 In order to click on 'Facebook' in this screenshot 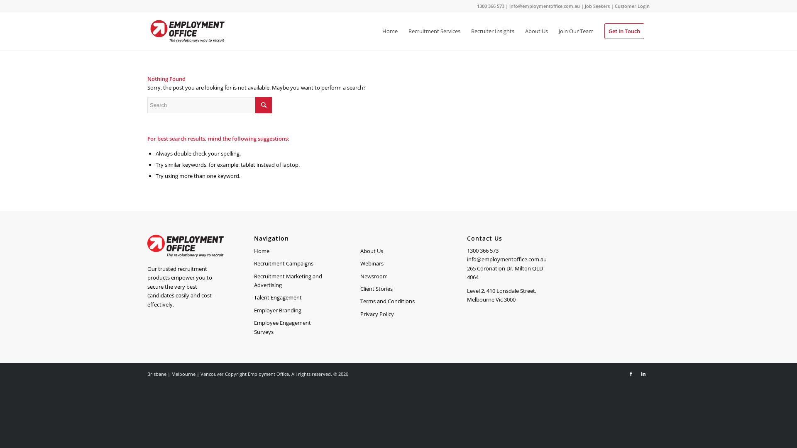, I will do `click(631, 374)`.